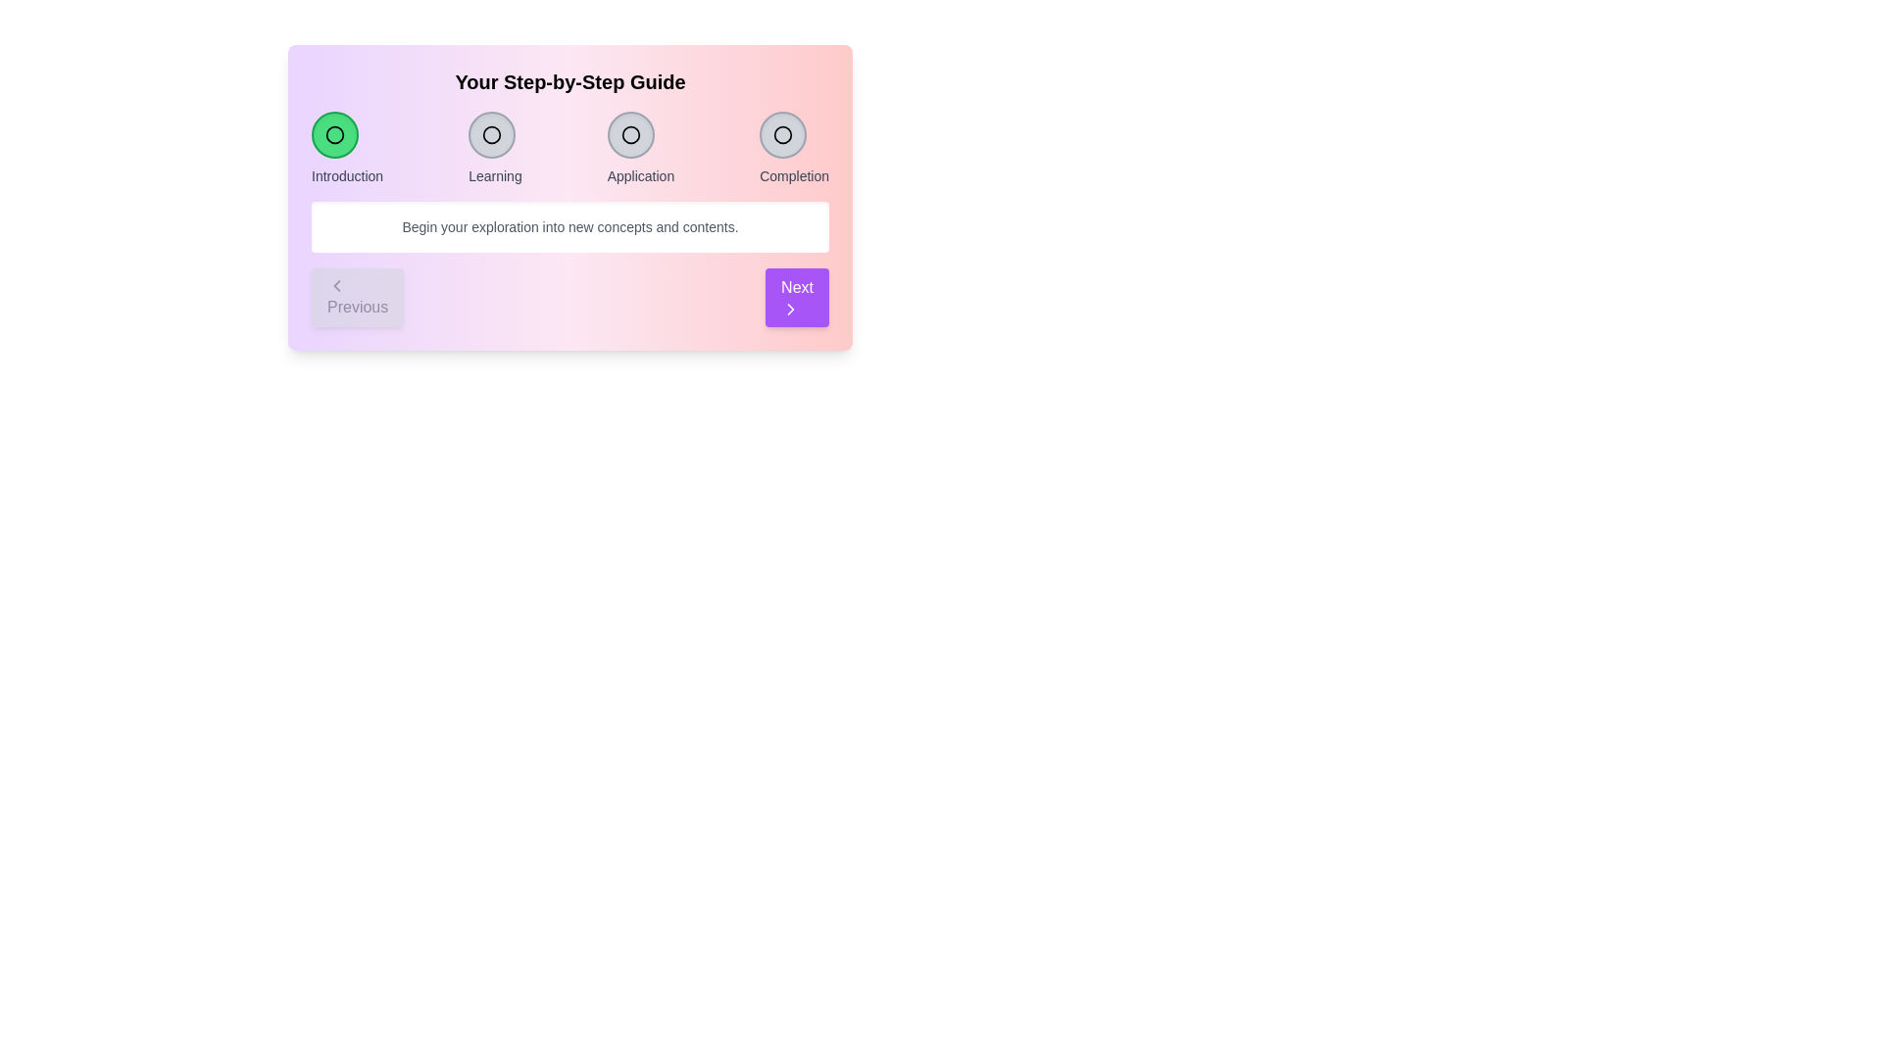 The height and width of the screenshot is (1058, 1882). What do you see at coordinates (797, 298) in the screenshot?
I see `the rectangular button with a purple background and white text reading 'Next'` at bounding box center [797, 298].